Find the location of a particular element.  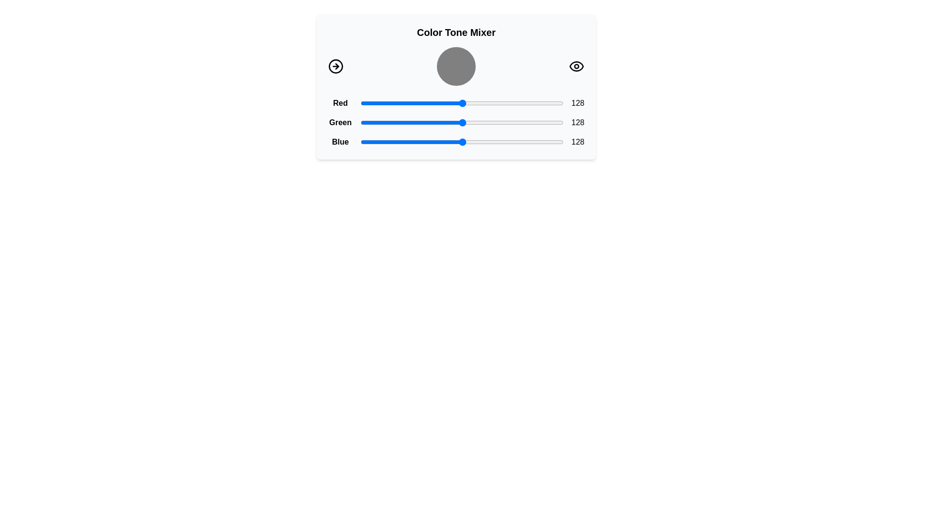

the green color intensity is located at coordinates (562, 122).